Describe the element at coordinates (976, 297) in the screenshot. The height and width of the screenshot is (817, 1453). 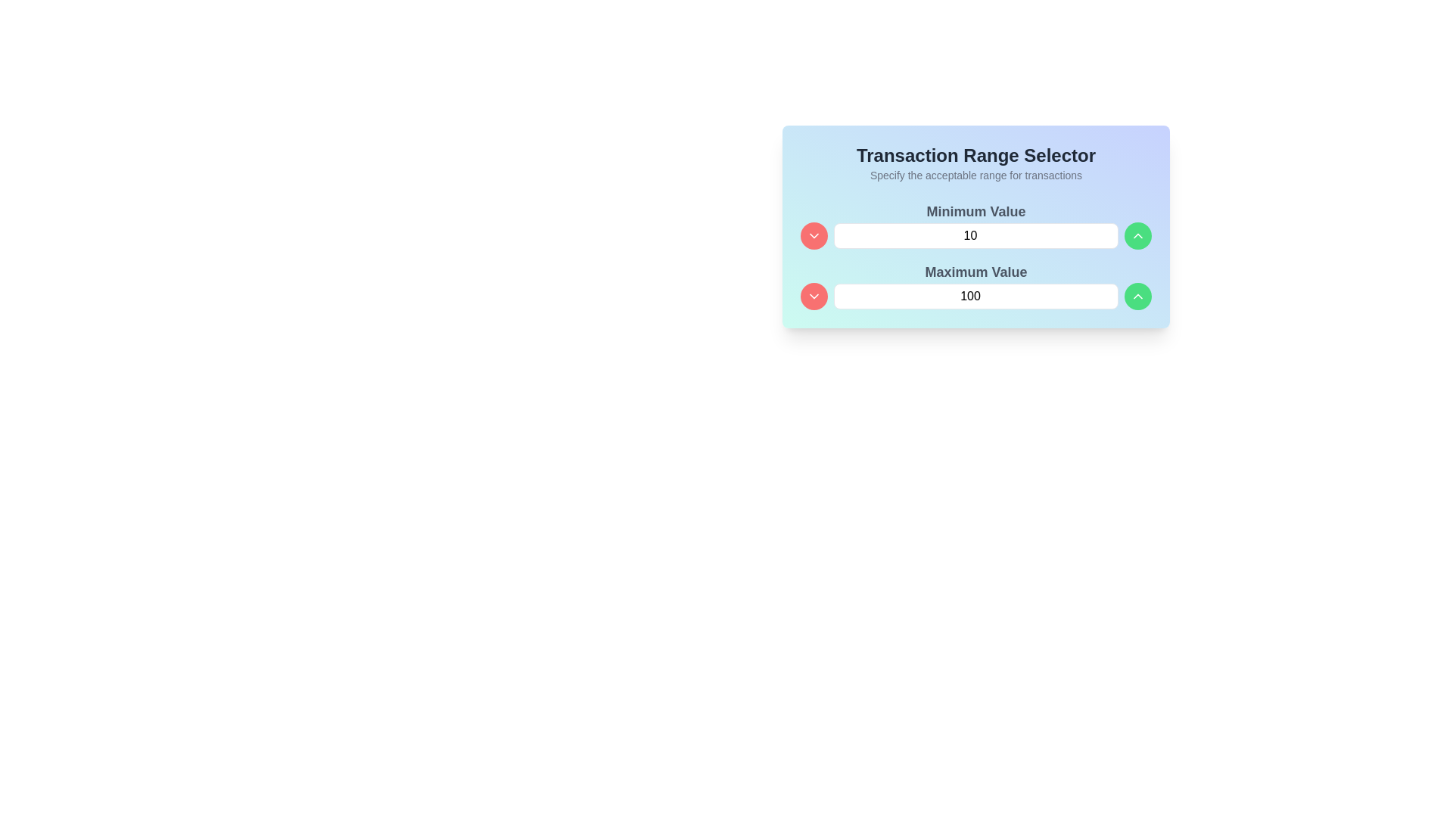
I see `the numerical input field with a white background and black text displaying '100' to focus on it` at that location.